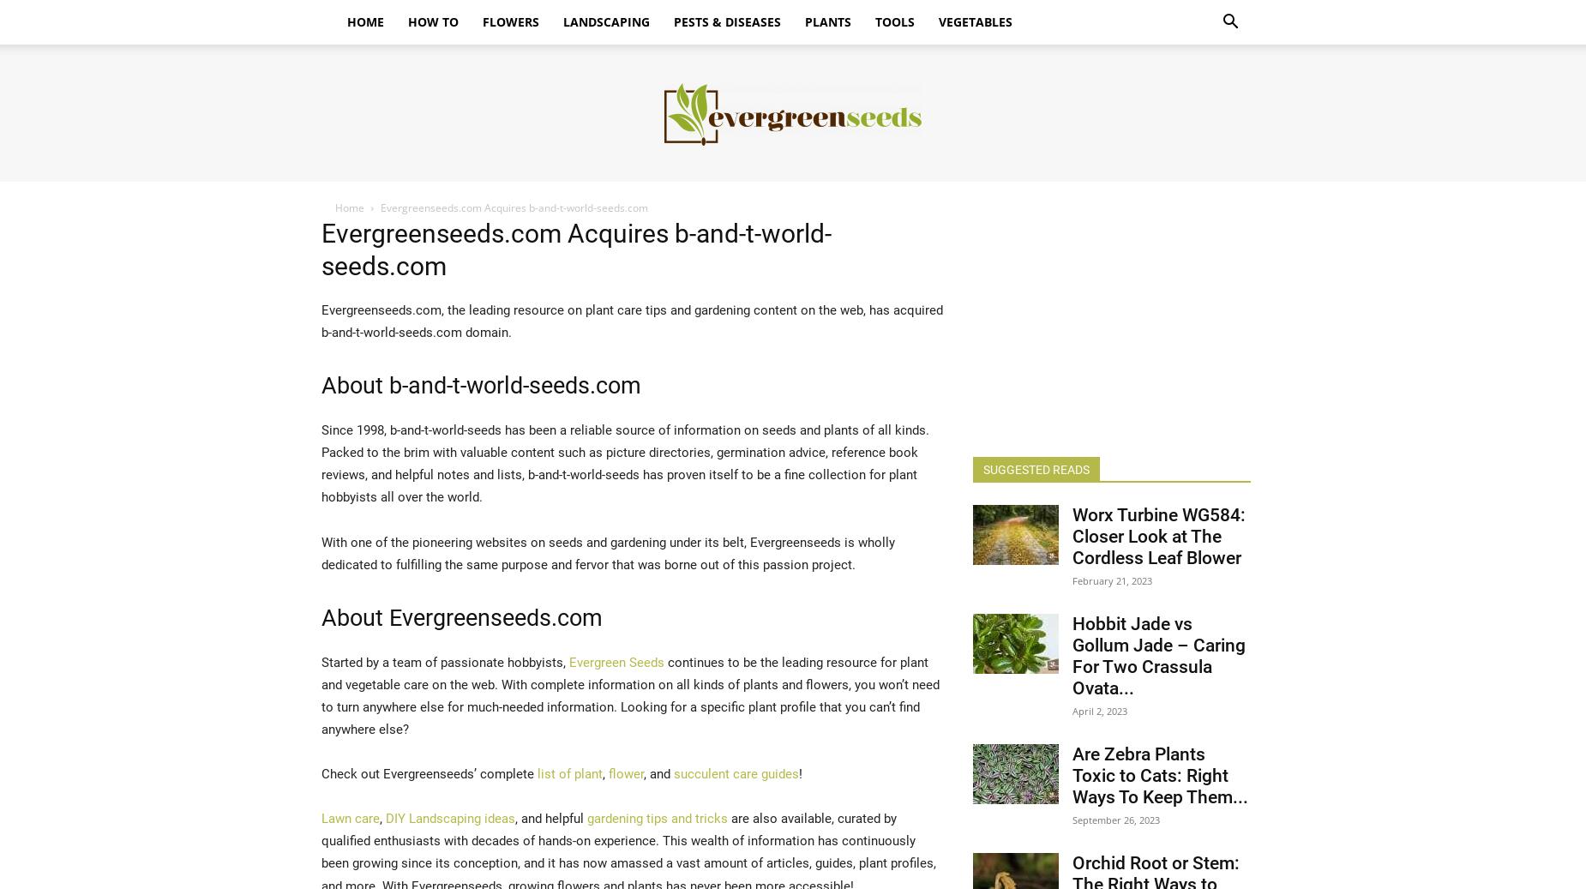  Describe the element at coordinates (674, 774) in the screenshot. I see `'succulent care guides'` at that location.